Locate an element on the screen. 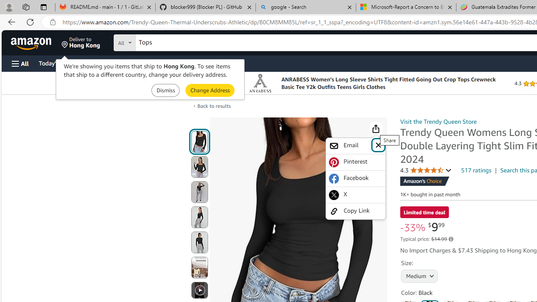 The image size is (537, 302). 'X' is located at coordinates (356, 195).